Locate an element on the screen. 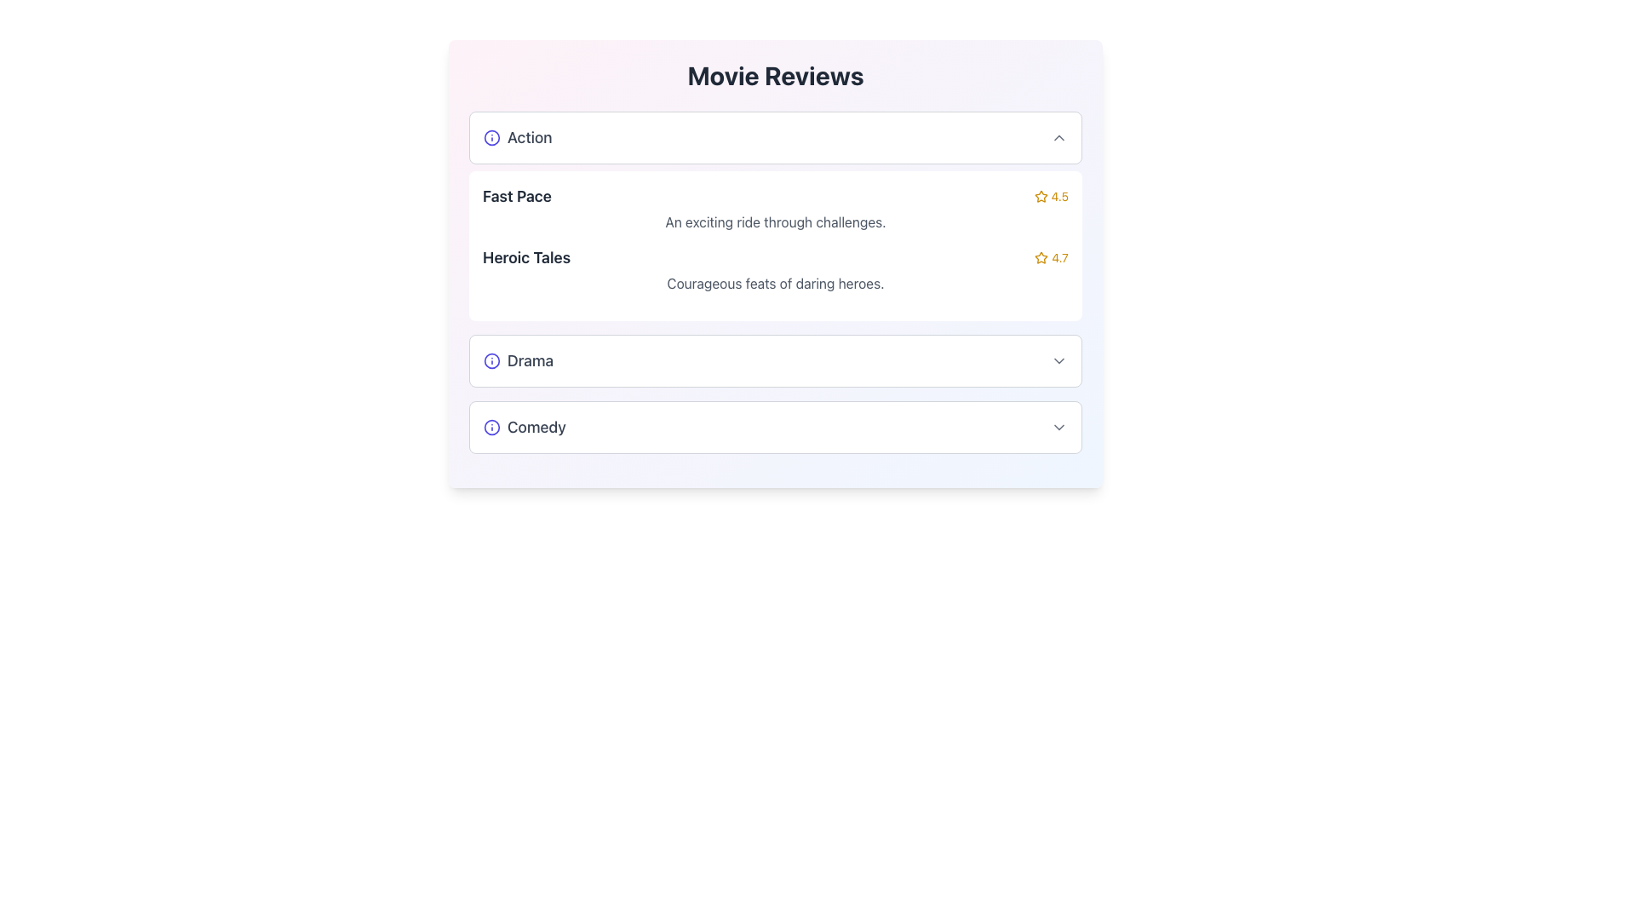 Image resolution: width=1635 pixels, height=920 pixels. the downward-pointing chevron icon located at the rightmost end of the 'Comedy' section, which is styled with a thin stroke and gray color is located at coordinates (1058, 426).